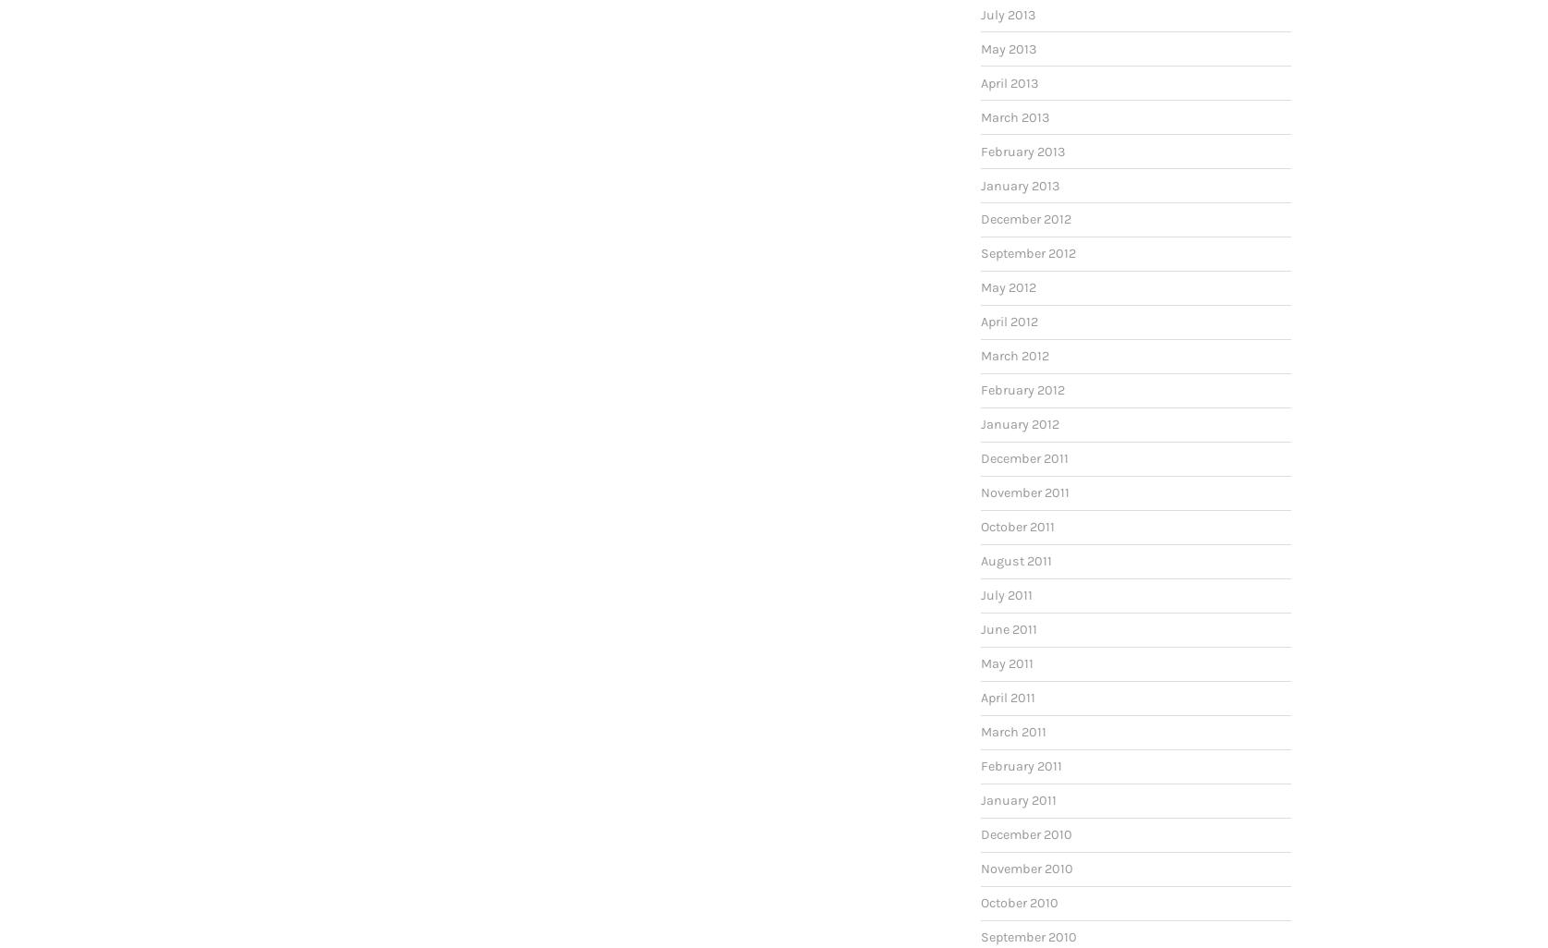 The image size is (1548, 948). Describe the element at coordinates (1025, 833) in the screenshot. I see `'December 2010'` at that location.